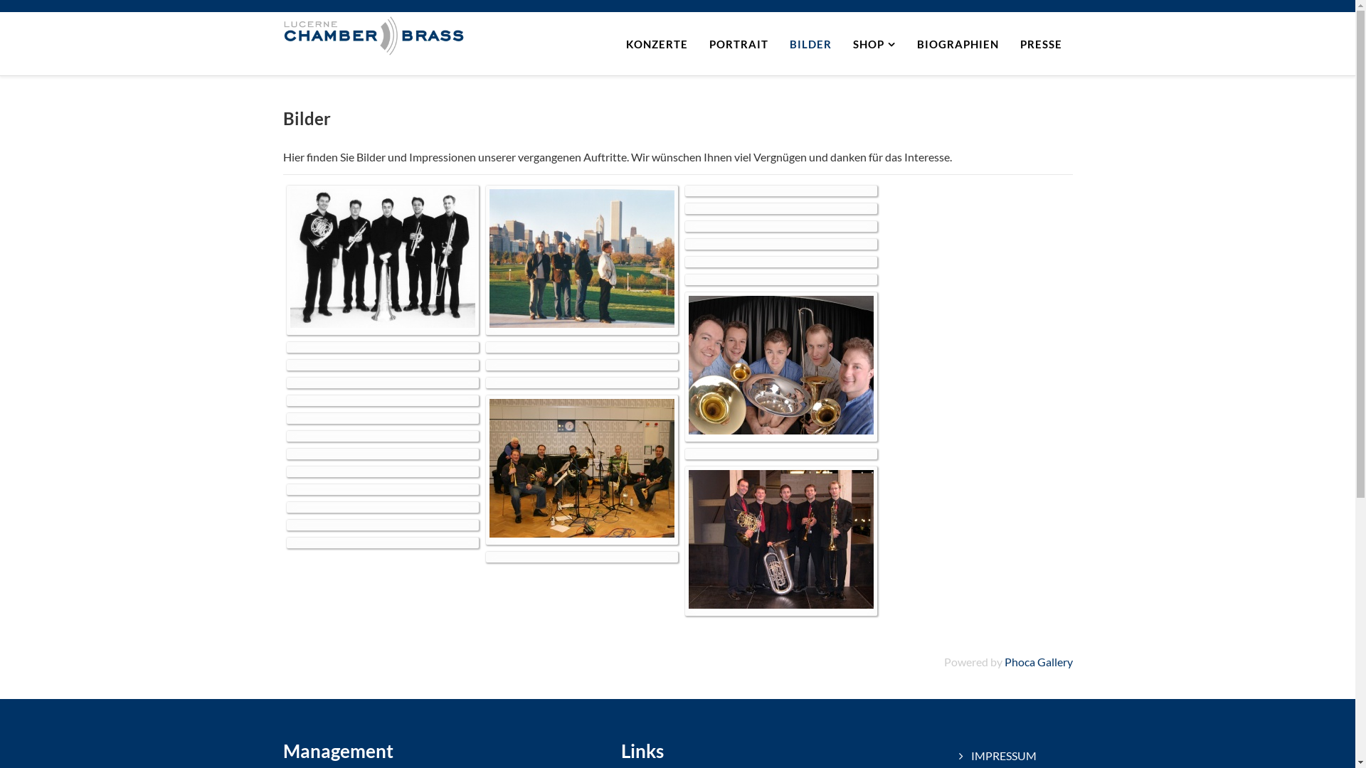  Describe the element at coordinates (615, 43) in the screenshot. I see `'KONZERTE'` at that location.